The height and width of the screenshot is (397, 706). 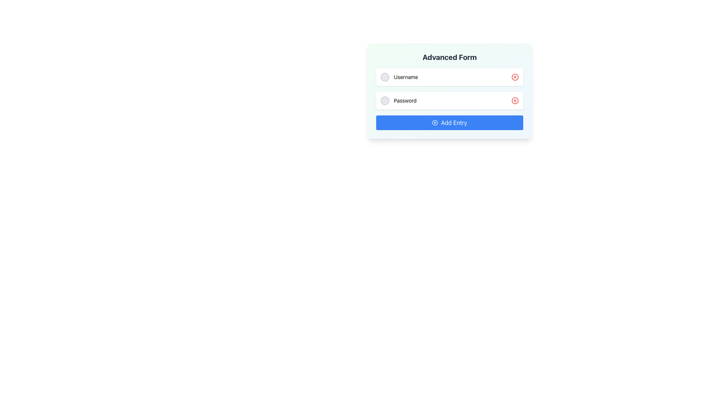 What do you see at coordinates (435, 122) in the screenshot?
I see `the circular outline of the '+' symbol in the 'Add Entry' button, which is styled with a thin outline and has no fill` at bounding box center [435, 122].